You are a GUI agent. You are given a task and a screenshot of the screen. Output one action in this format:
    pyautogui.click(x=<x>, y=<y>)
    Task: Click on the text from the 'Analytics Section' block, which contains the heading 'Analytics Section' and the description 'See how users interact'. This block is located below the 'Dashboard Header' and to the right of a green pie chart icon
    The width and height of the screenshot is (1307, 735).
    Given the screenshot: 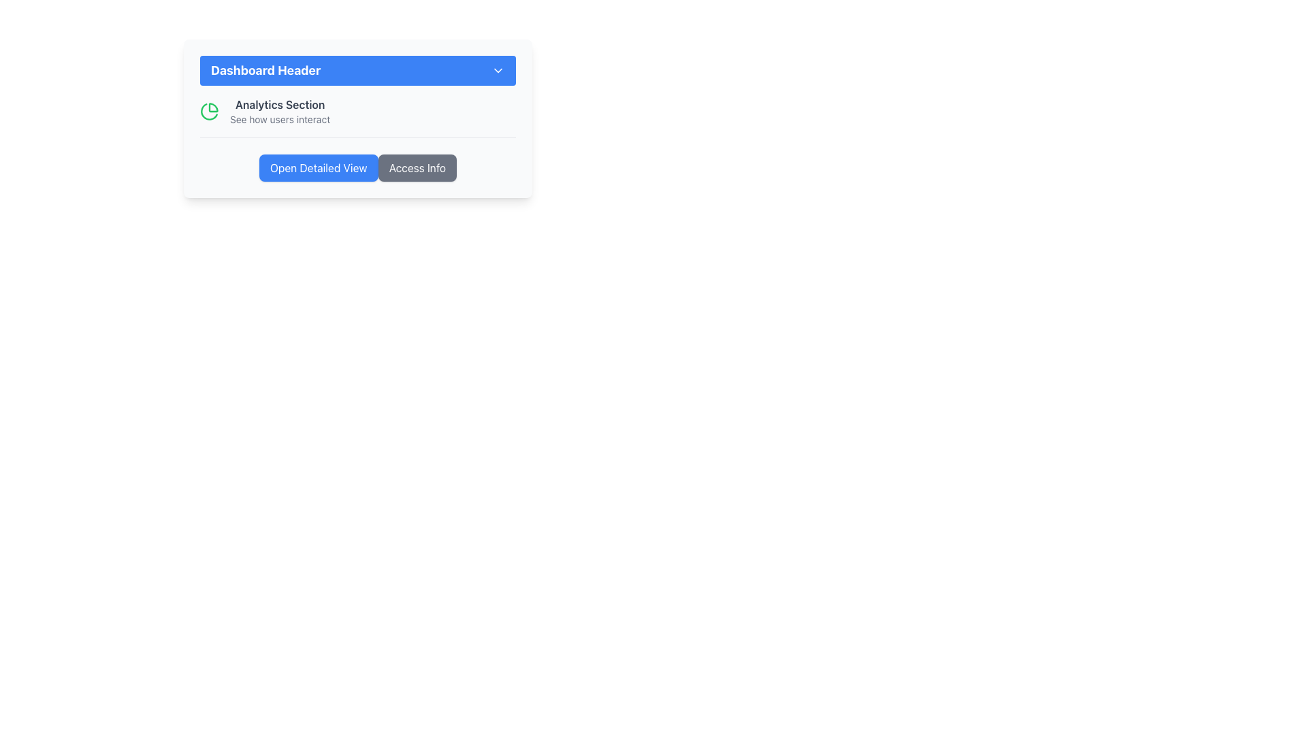 What is the action you would take?
    pyautogui.click(x=279, y=111)
    